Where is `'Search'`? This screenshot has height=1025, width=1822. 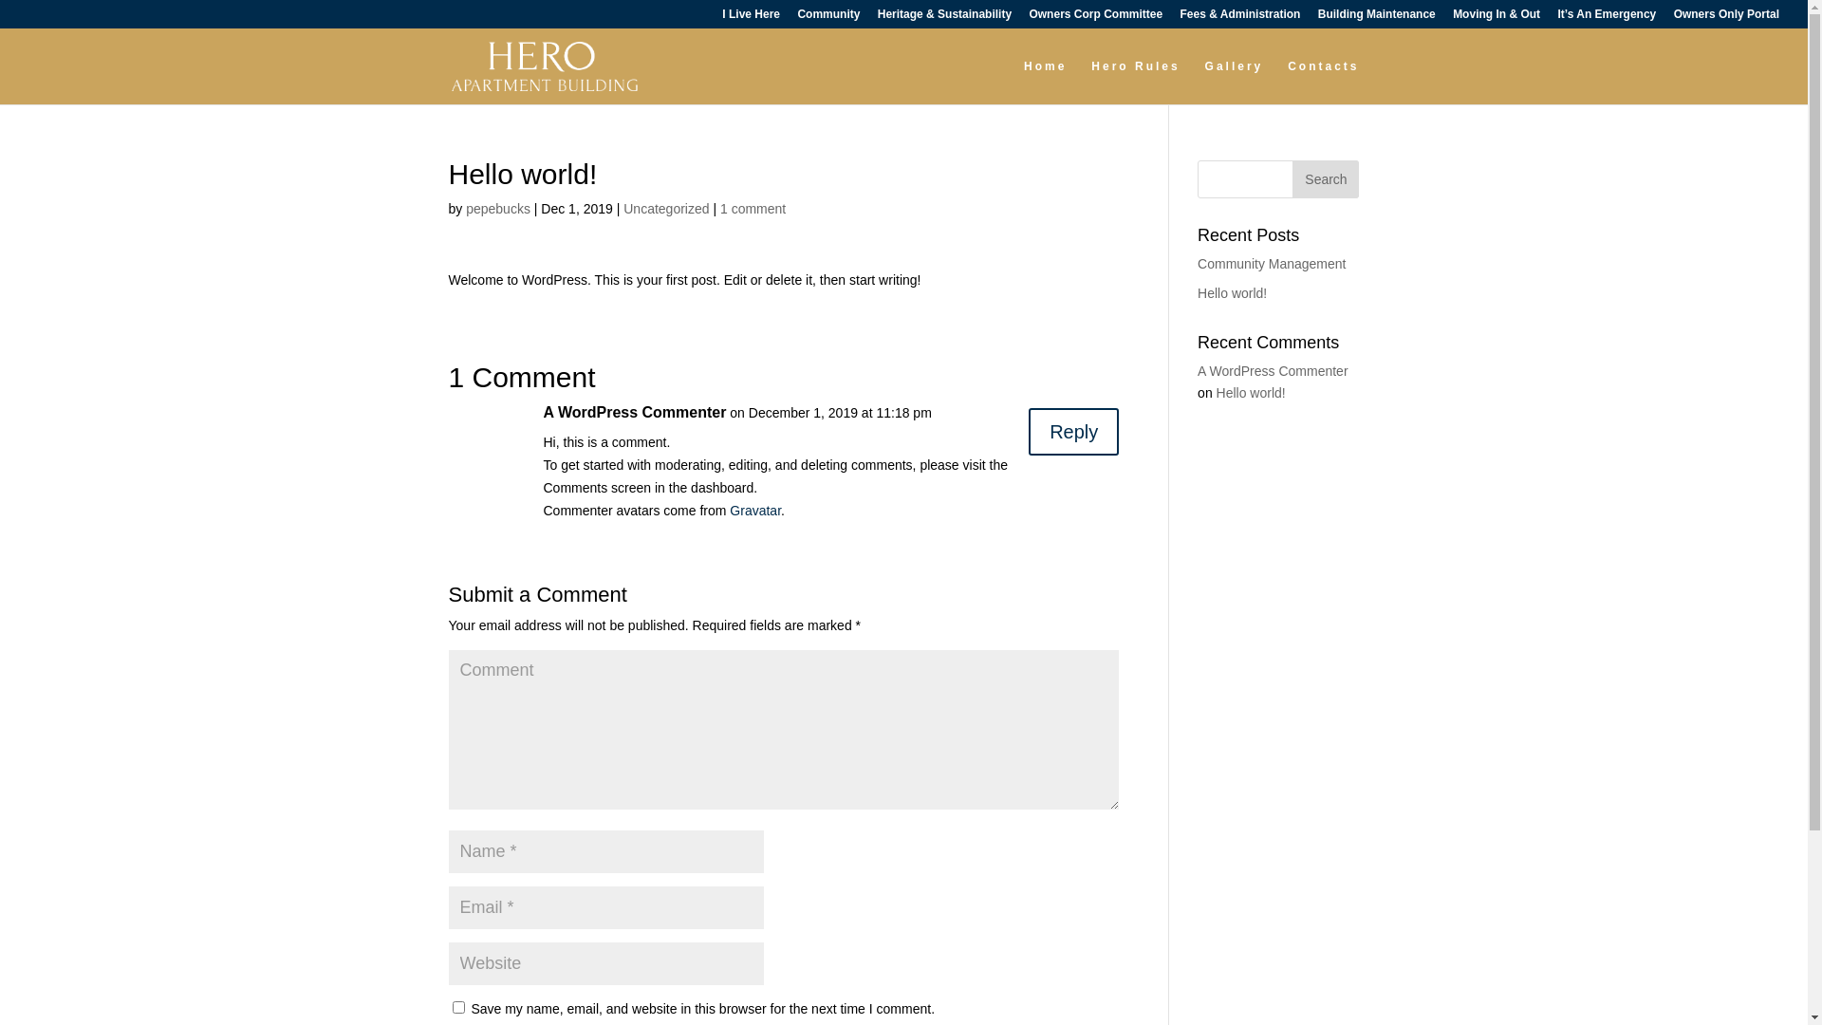 'Search' is located at coordinates (1324, 179).